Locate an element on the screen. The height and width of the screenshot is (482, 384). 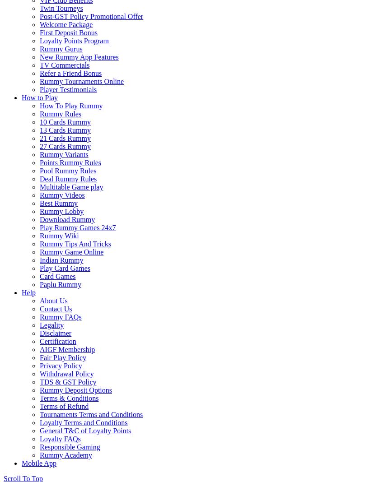
'AIGF Membership' is located at coordinates (39, 349).